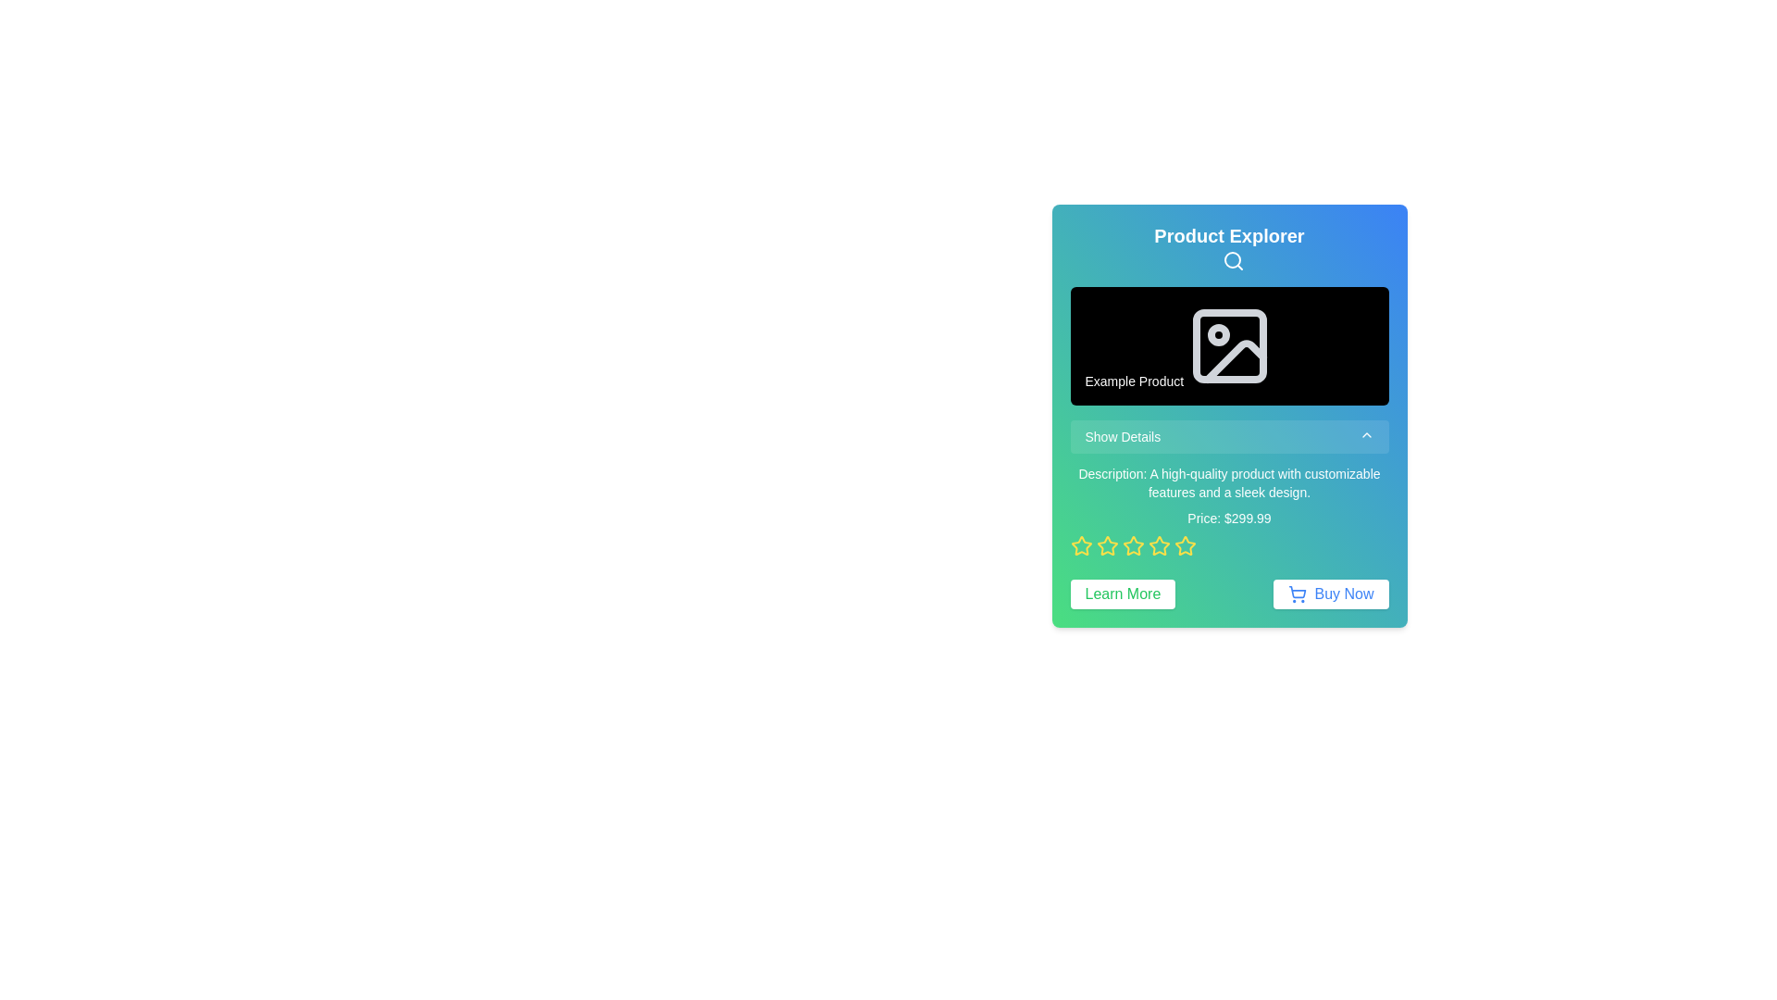 The height and width of the screenshot is (1000, 1777). What do you see at coordinates (1235, 361) in the screenshot?
I see `the icon located at the top right of the card UI component, which serves as a visual element of the image placeholder` at bounding box center [1235, 361].